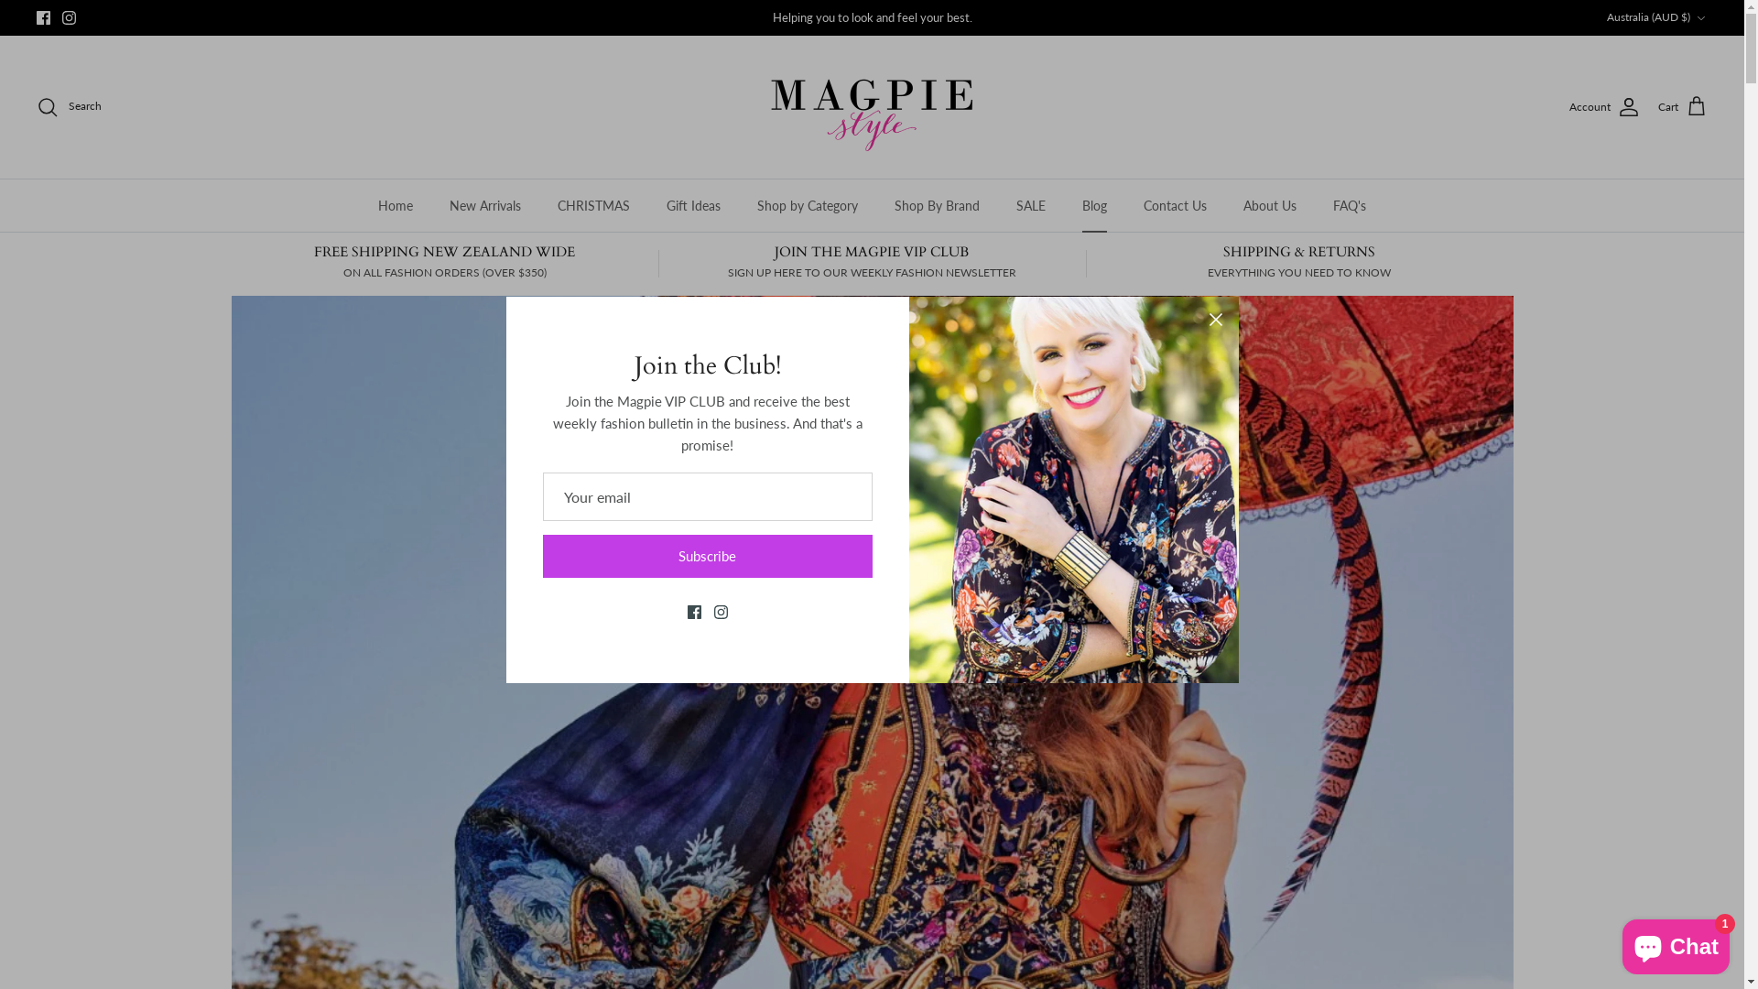 The image size is (1758, 989). Describe the element at coordinates (650, 205) in the screenshot. I see `'Gift Ideas'` at that location.